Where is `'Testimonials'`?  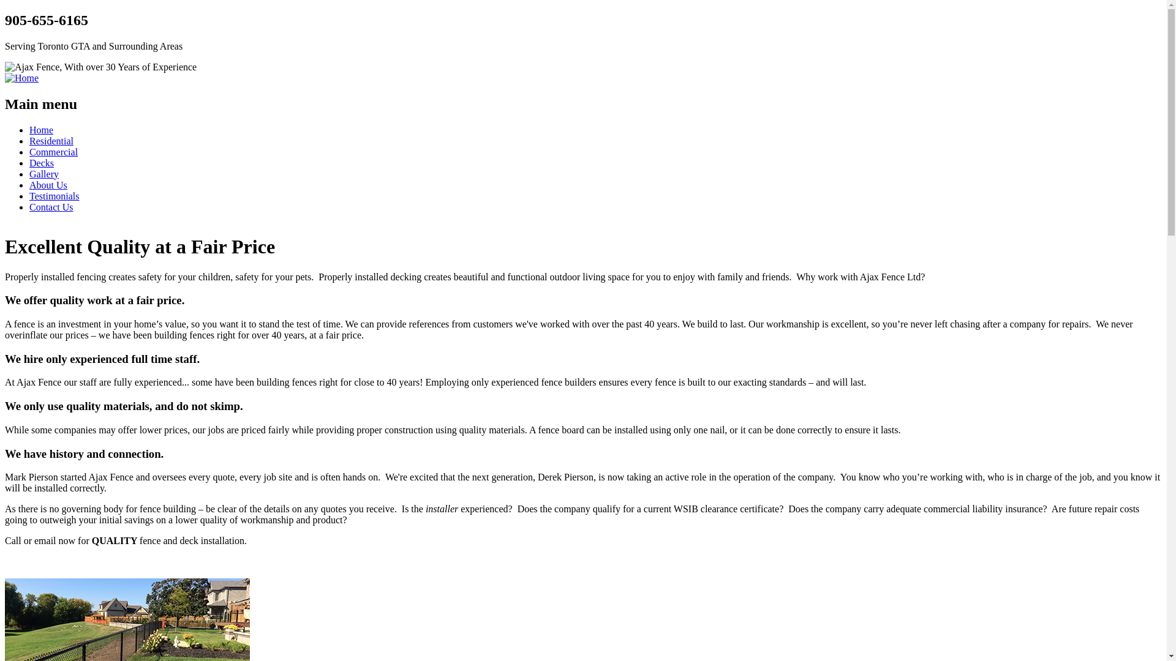 'Testimonials' is located at coordinates (54, 195).